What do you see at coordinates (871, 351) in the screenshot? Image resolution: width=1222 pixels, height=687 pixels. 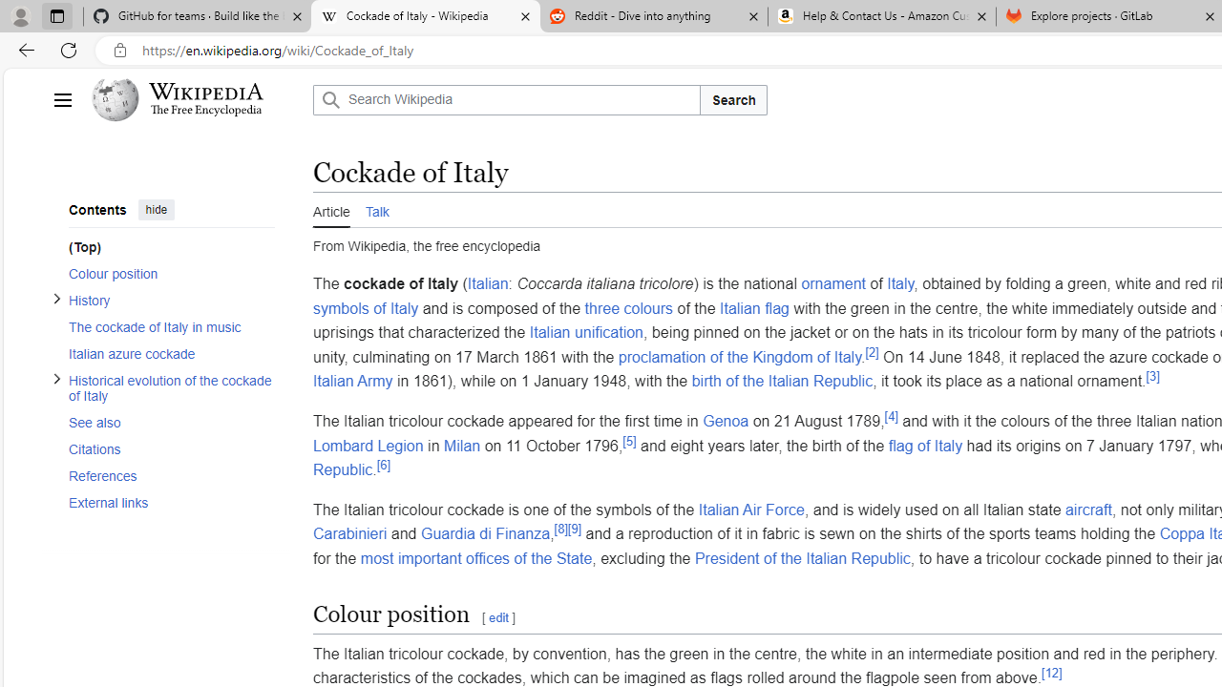 I see `'[2]'` at bounding box center [871, 351].